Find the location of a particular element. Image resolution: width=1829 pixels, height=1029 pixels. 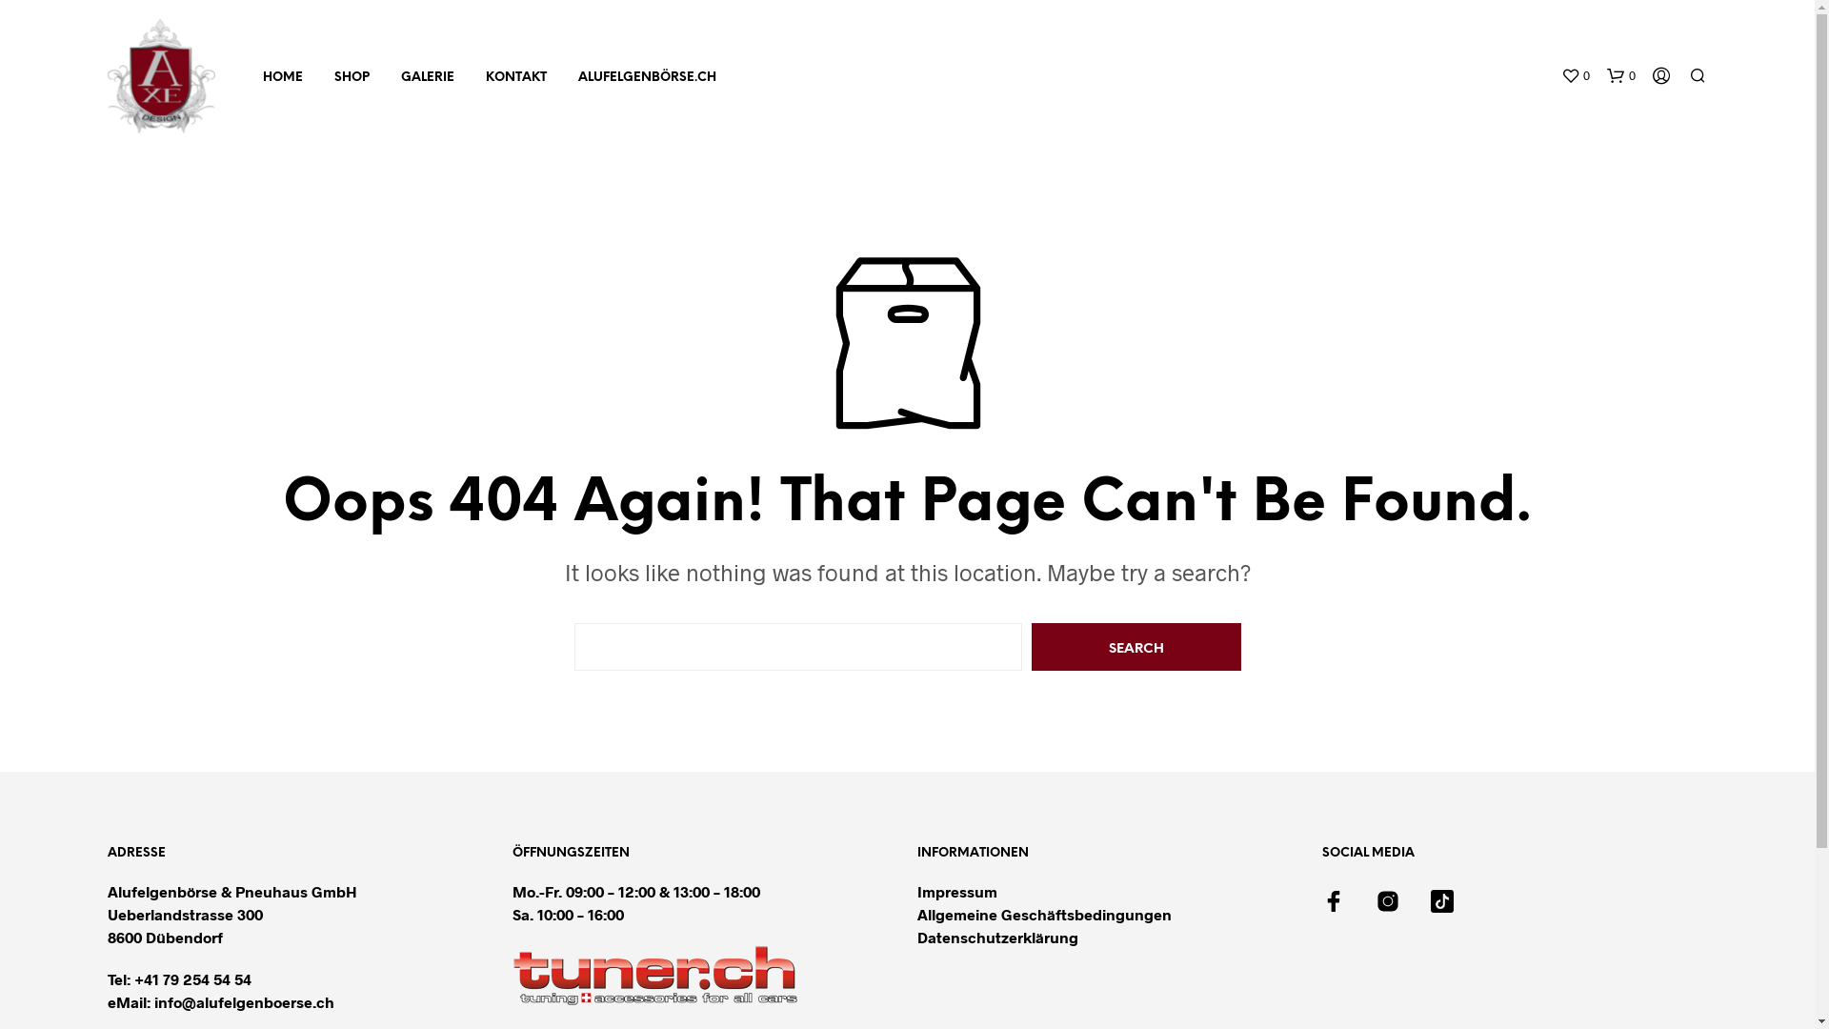

'Impressum' is located at coordinates (955, 891).